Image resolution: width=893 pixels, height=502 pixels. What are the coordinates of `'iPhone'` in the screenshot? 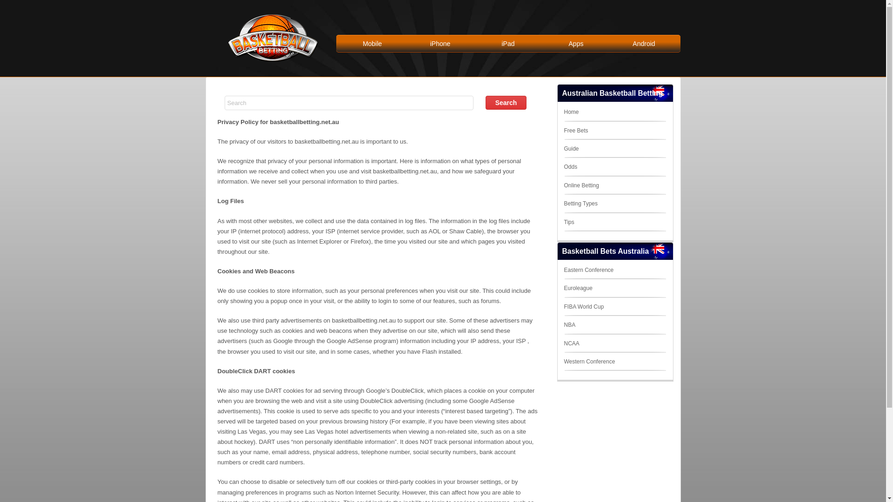 It's located at (440, 43).